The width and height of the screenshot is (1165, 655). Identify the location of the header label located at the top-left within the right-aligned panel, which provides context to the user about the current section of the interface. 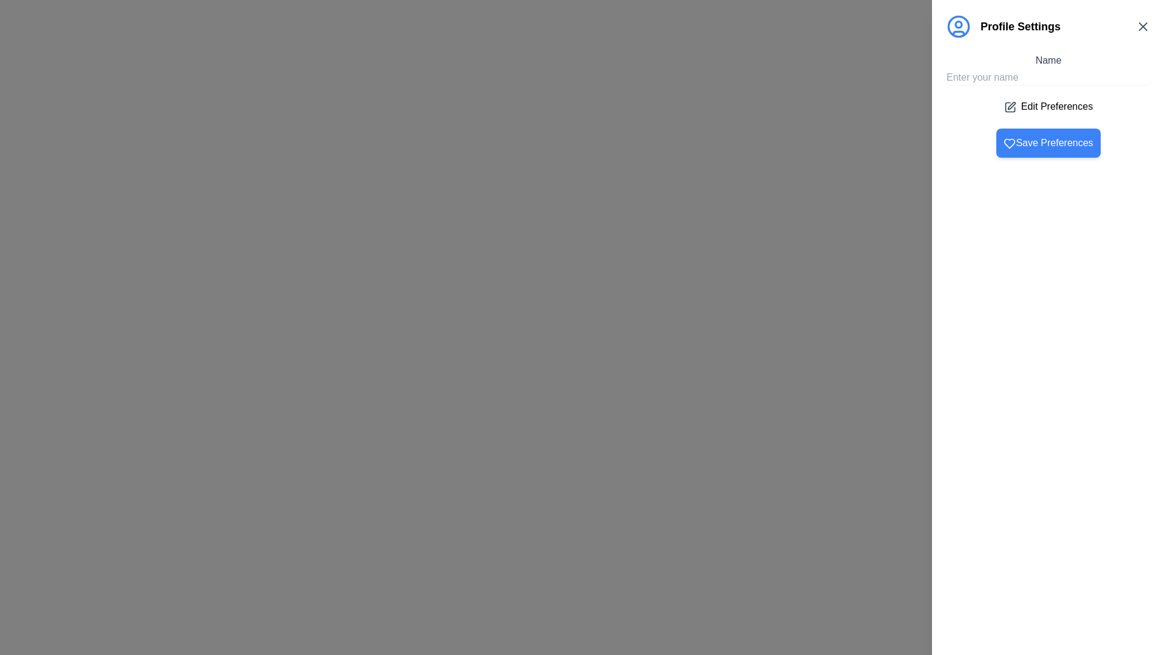
(1004, 26).